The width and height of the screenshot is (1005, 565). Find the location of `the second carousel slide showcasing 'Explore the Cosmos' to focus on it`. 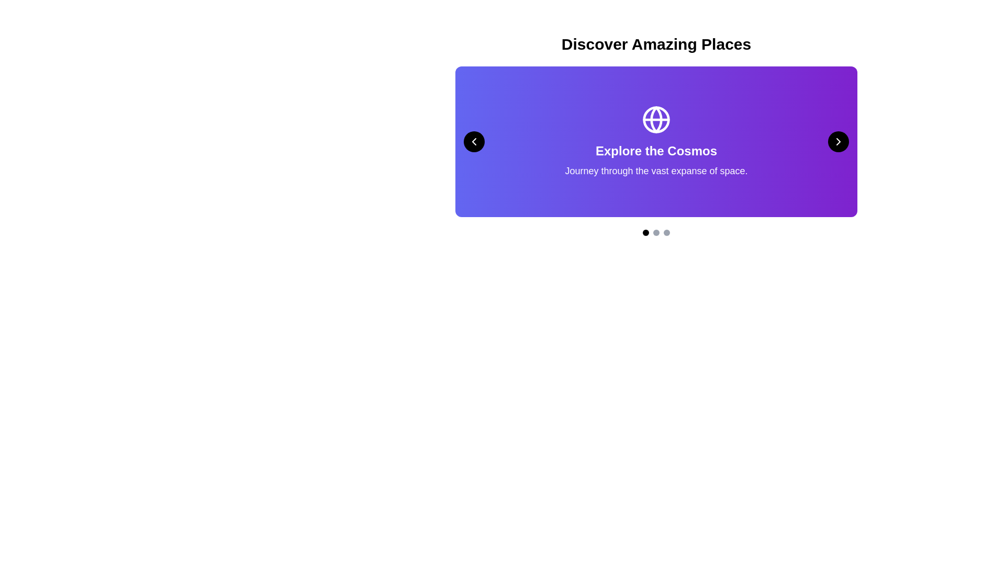

the second carousel slide showcasing 'Explore the Cosmos' to focus on it is located at coordinates (655, 141).